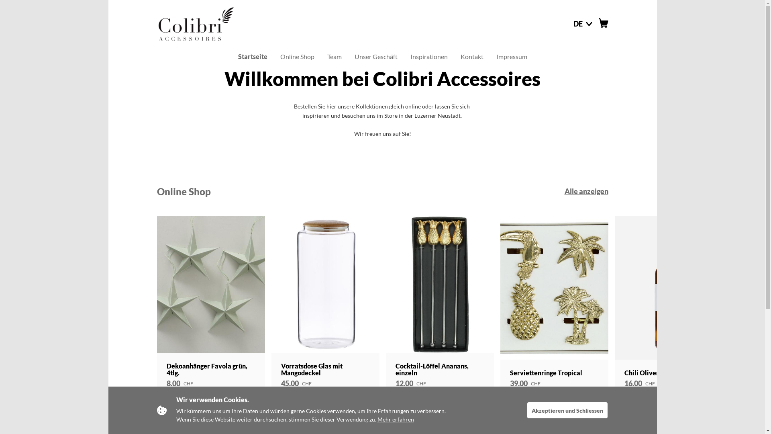 This screenshot has width=771, height=434. I want to click on 'logo', so click(195, 23).